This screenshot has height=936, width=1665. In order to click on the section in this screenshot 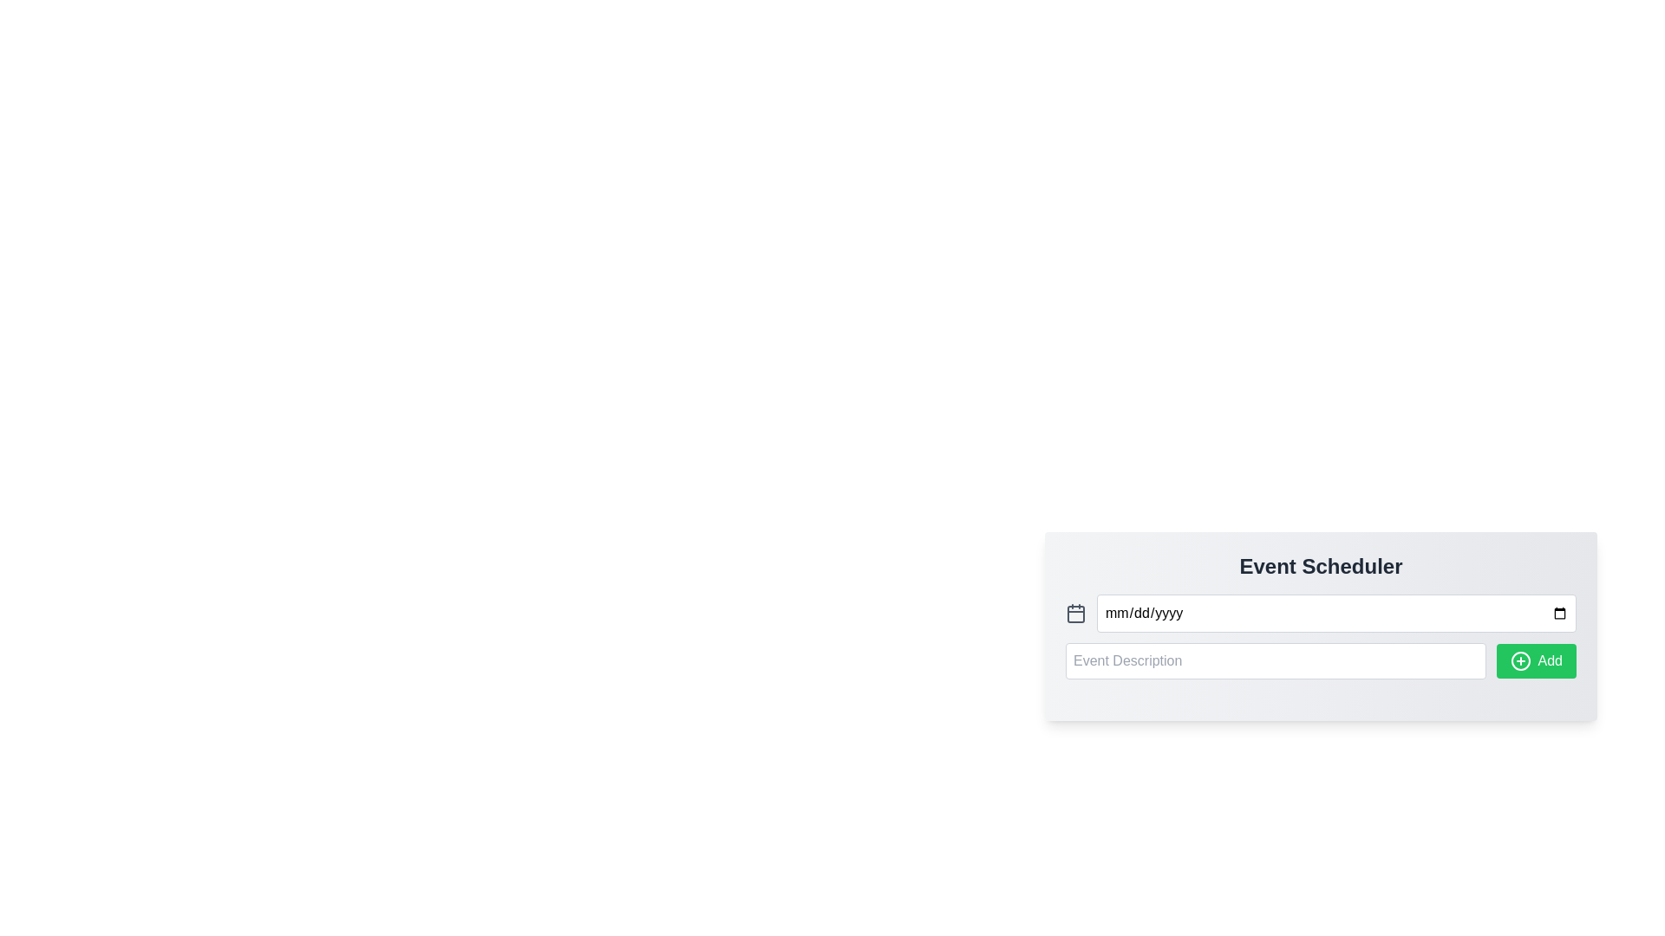, I will do `click(1320, 567)`.